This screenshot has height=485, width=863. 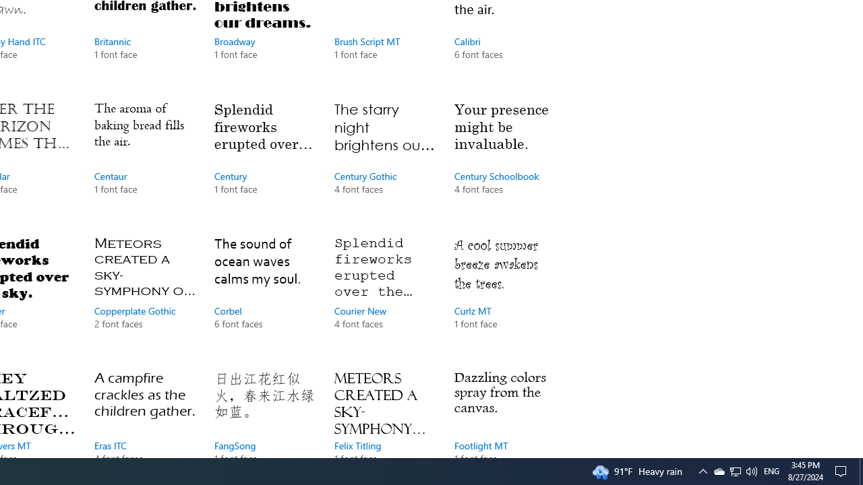 What do you see at coordinates (145, 295) in the screenshot?
I see `'Copperplate Gothic, 2 font faces'` at bounding box center [145, 295].